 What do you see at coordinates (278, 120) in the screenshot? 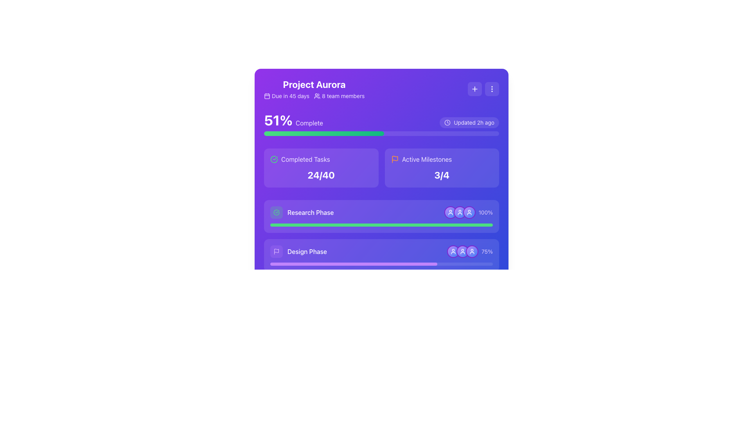
I see `the Static Label displaying '51%' in bold white text on a purple background, located in the top-left section of the interface, next to the 'Complete' label` at bounding box center [278, 120].